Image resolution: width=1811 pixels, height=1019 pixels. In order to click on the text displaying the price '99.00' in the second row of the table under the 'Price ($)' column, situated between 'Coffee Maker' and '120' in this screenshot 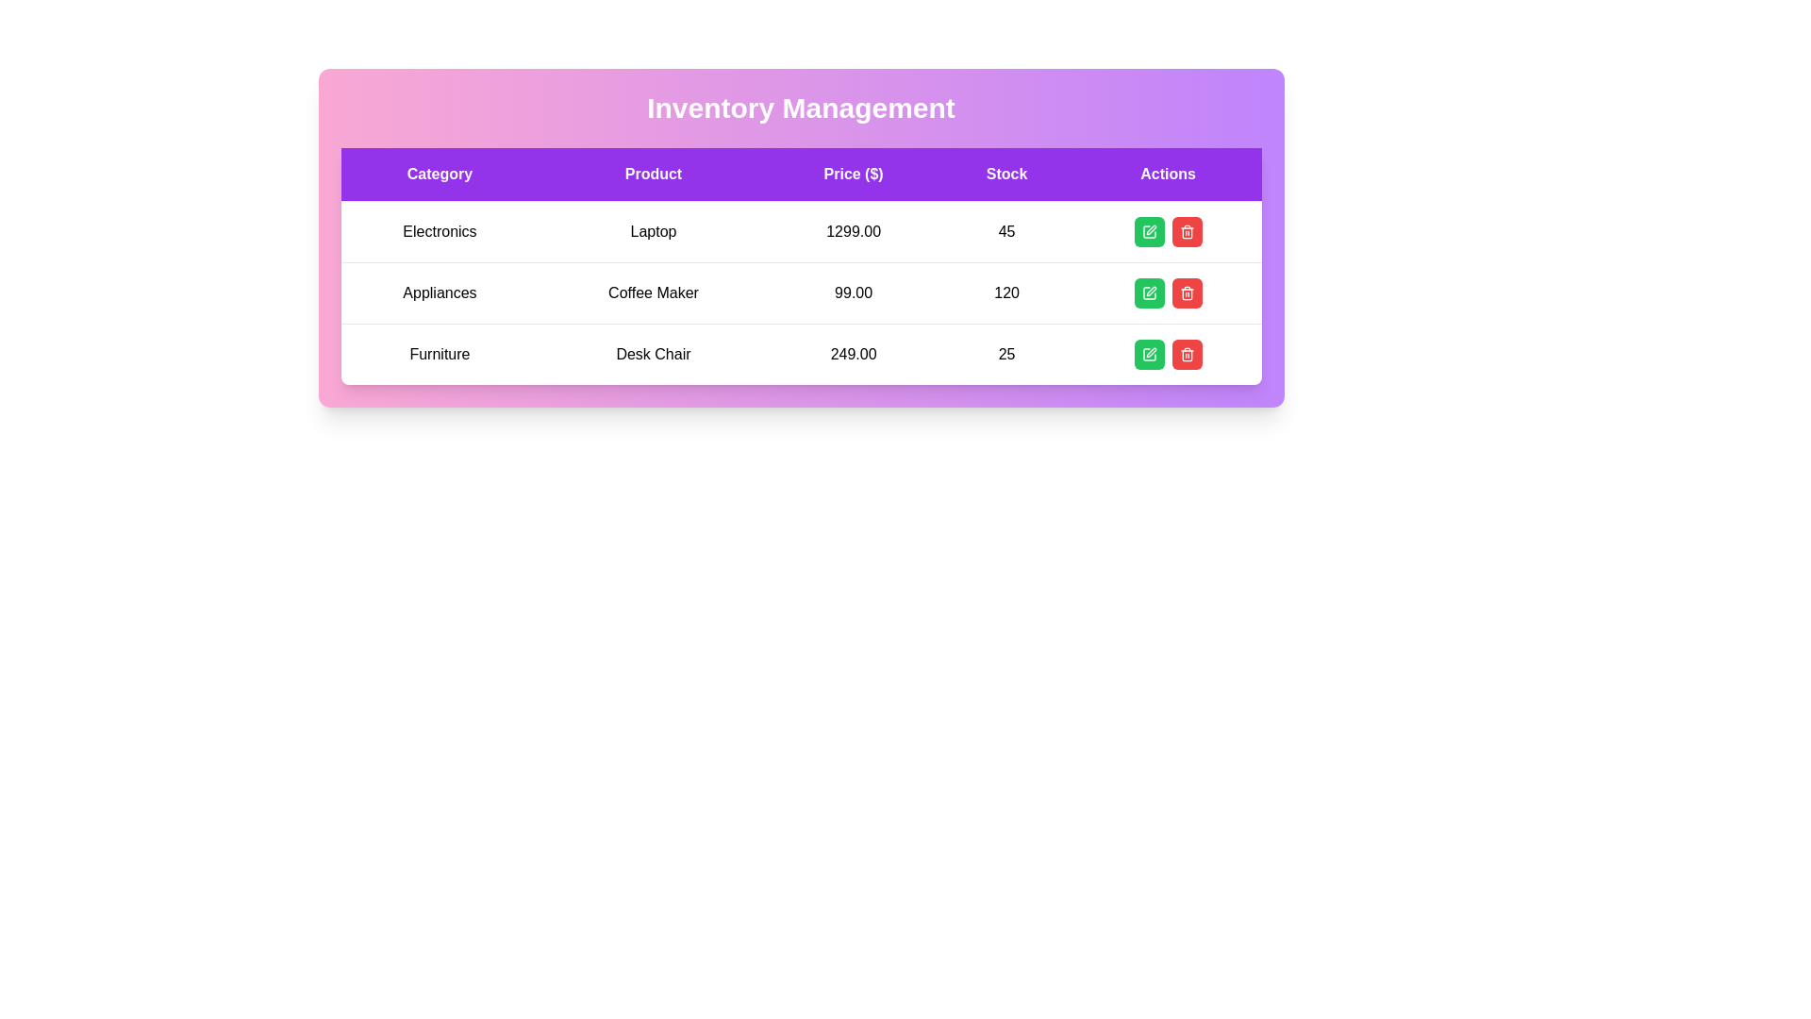, I will do `click(853, 293)`.